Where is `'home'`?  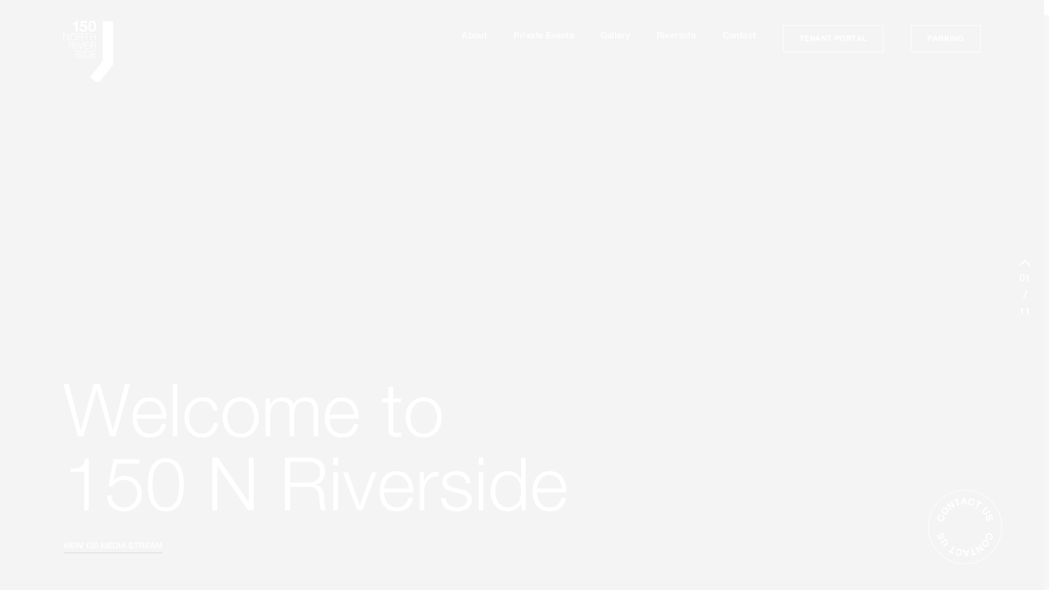
'home' is located at coordinates (93, 52).